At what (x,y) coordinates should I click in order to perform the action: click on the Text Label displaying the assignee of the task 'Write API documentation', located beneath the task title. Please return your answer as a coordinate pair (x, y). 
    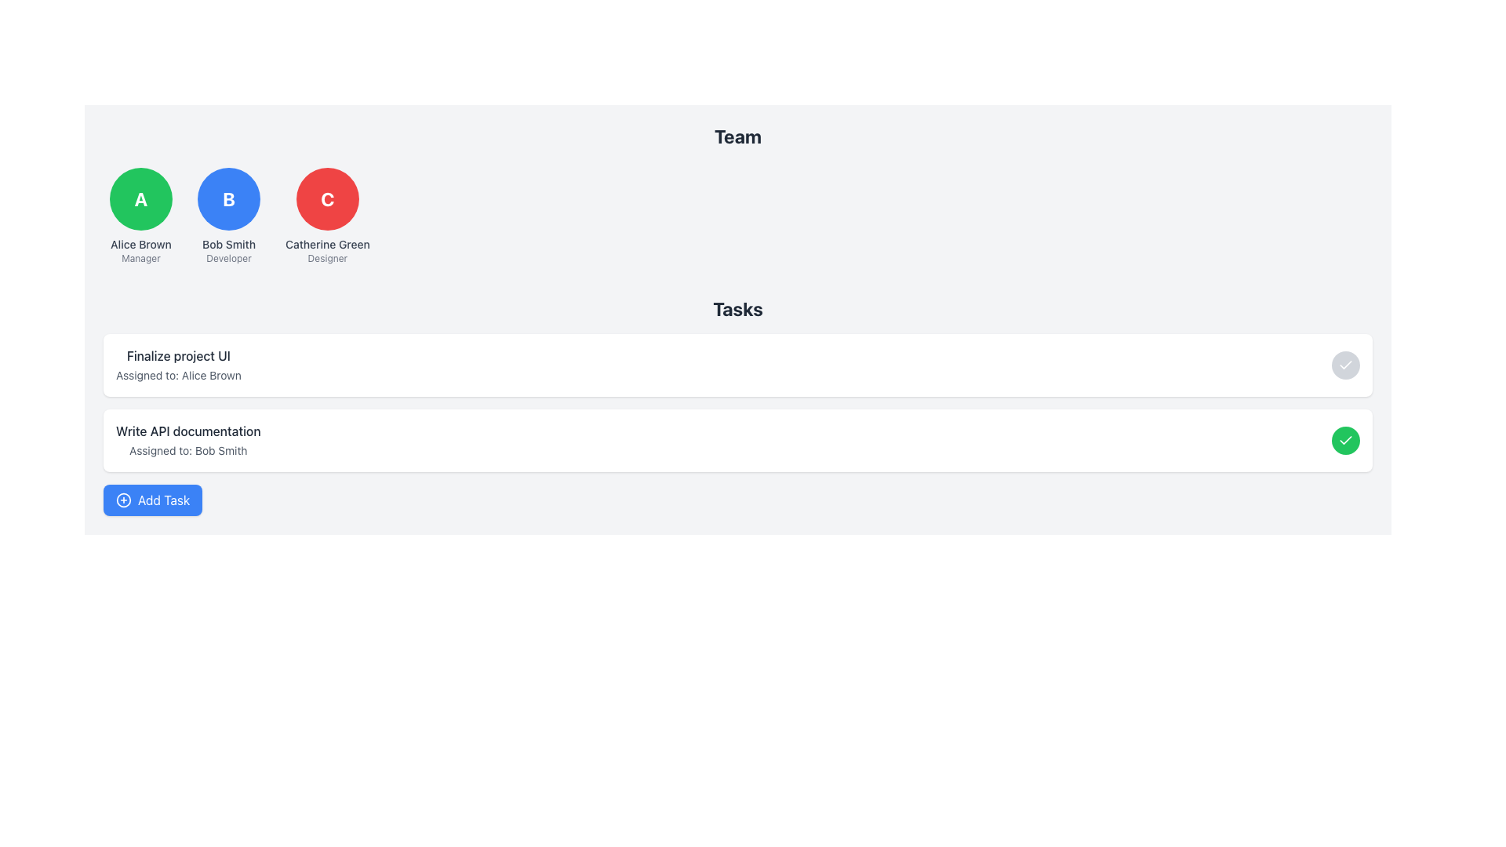
    Looking at the image, I should click on (188, 450).